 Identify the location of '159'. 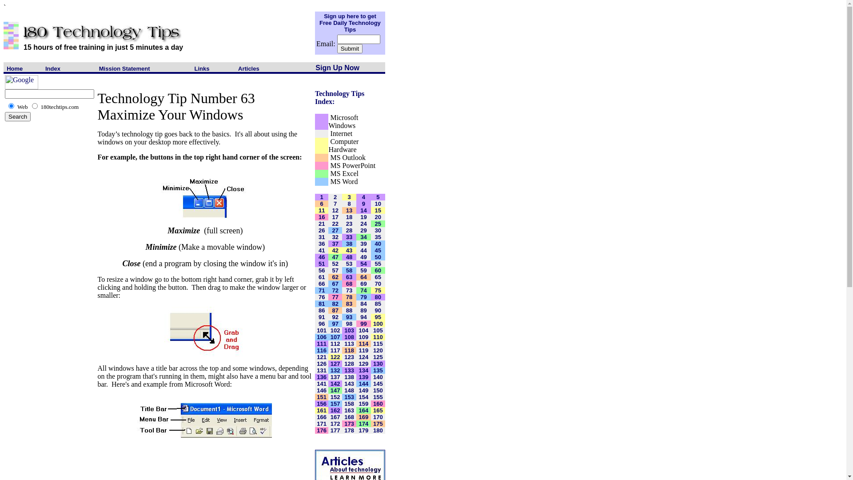
(364, 403).